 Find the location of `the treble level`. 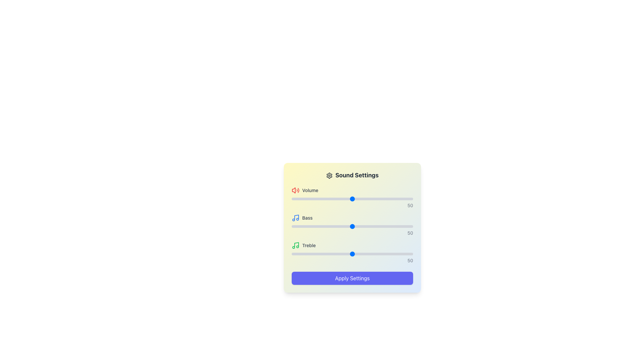

the treble level is located at coordinates (376, 254).